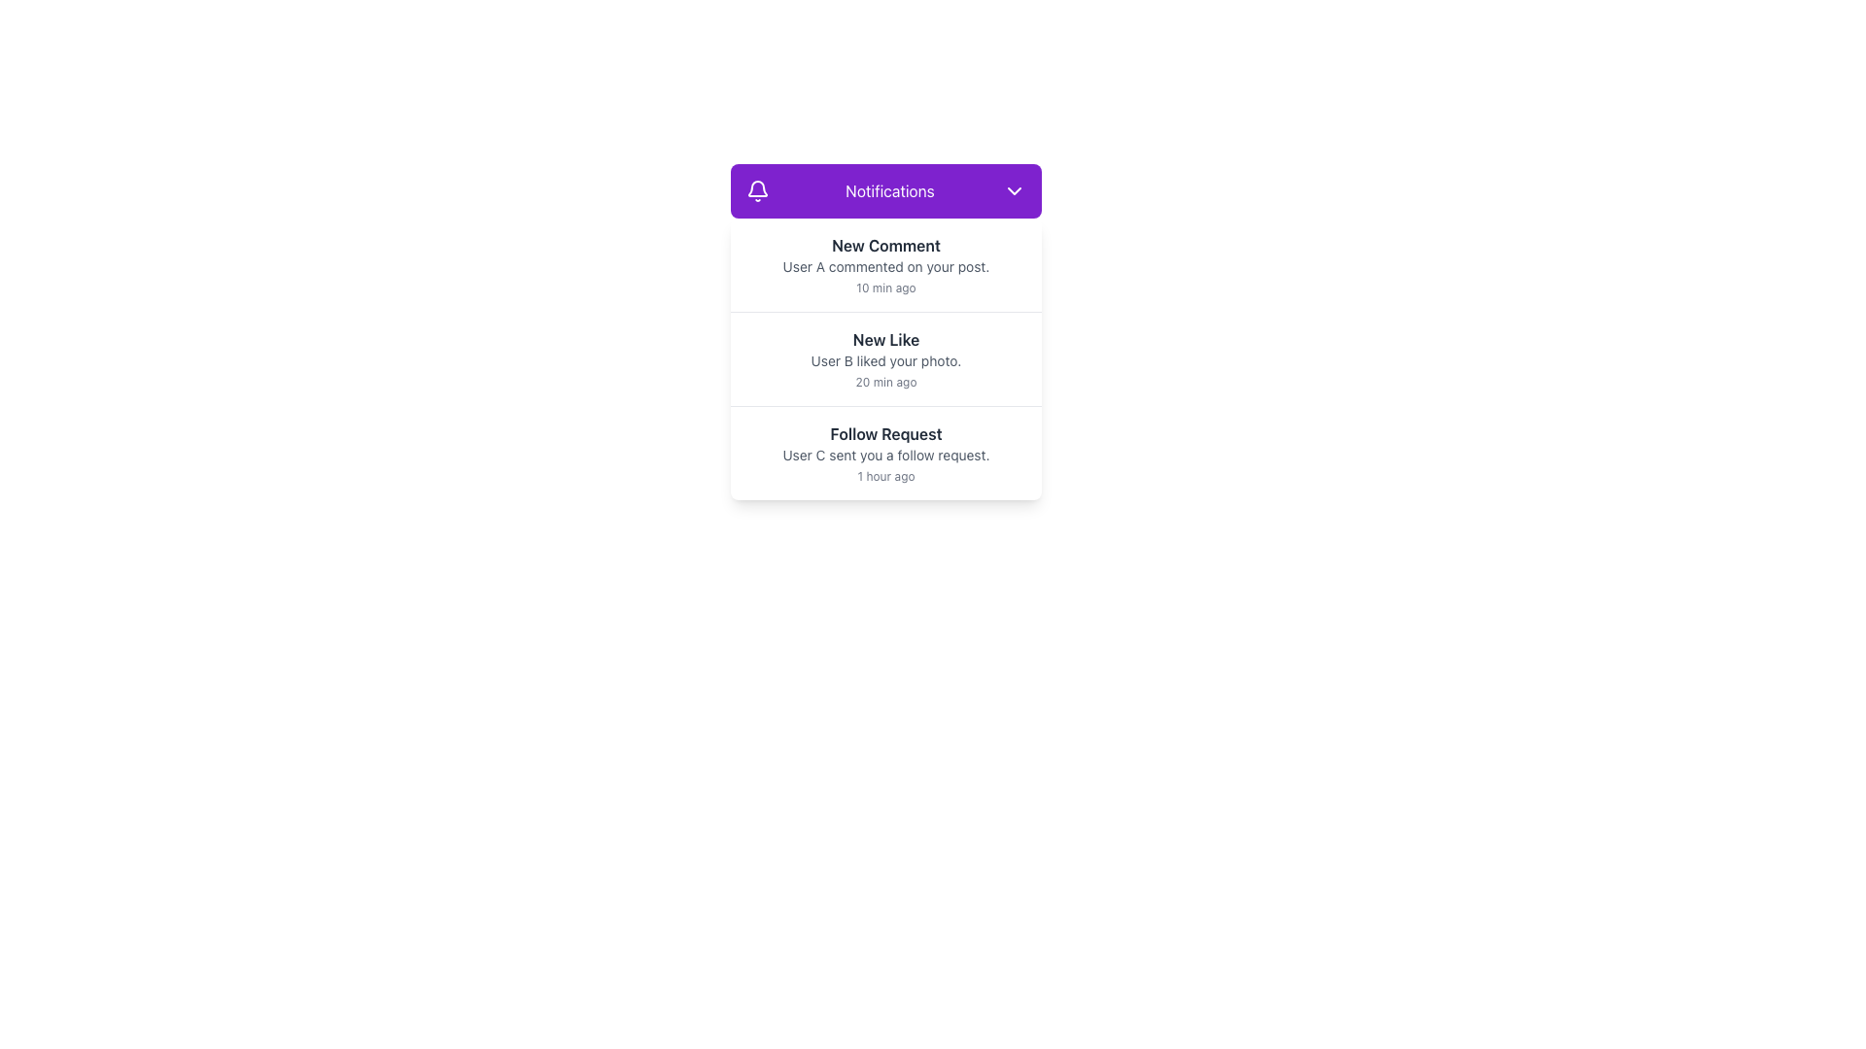  Describe the element at coordinates (885, 359) in the screenshot. I see `information displayed in the 'New Like' notification entry that states 'User B liked your photo.' and '20 min ago'` at that location.